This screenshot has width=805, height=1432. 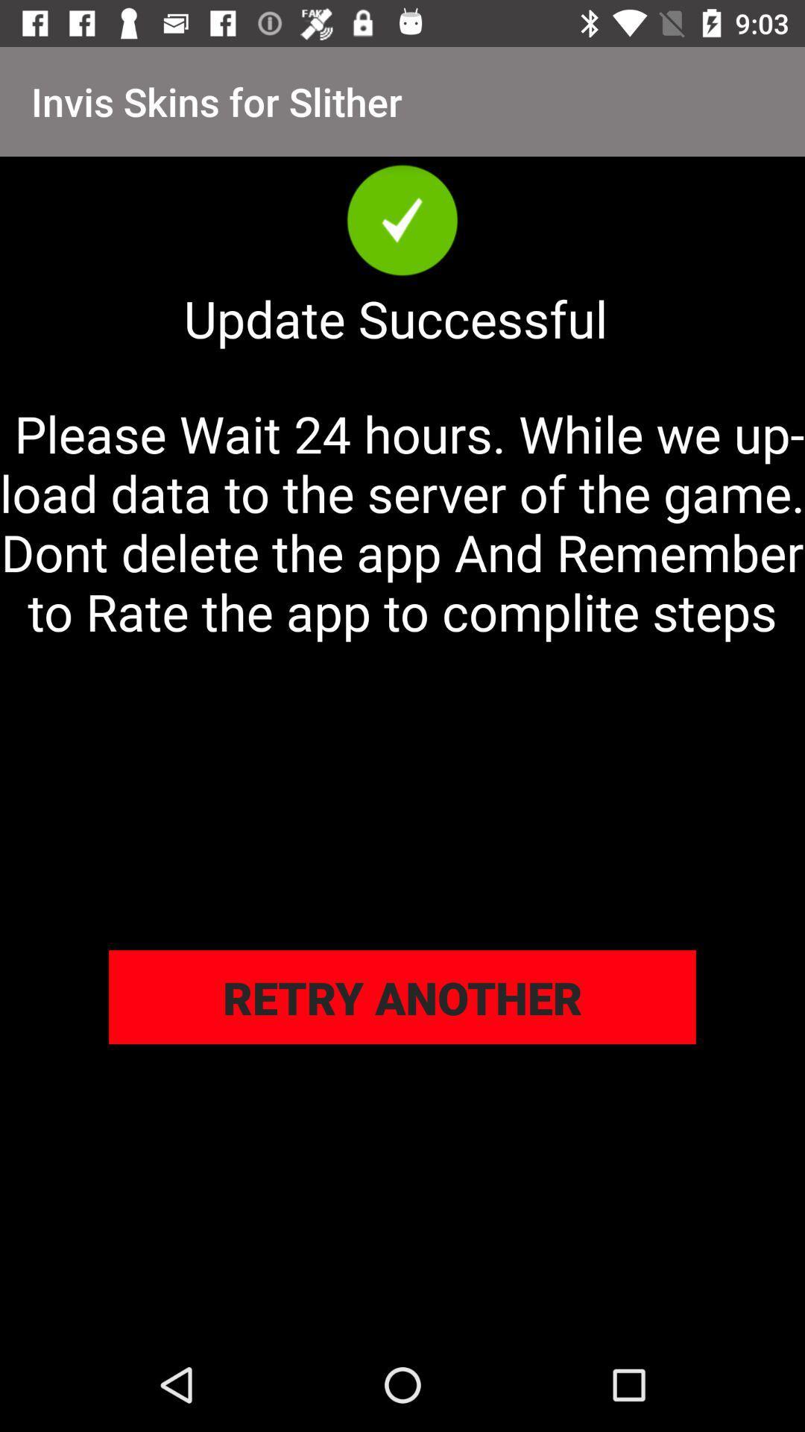 I want to click on the retry another item, so click(x=402, y=997).